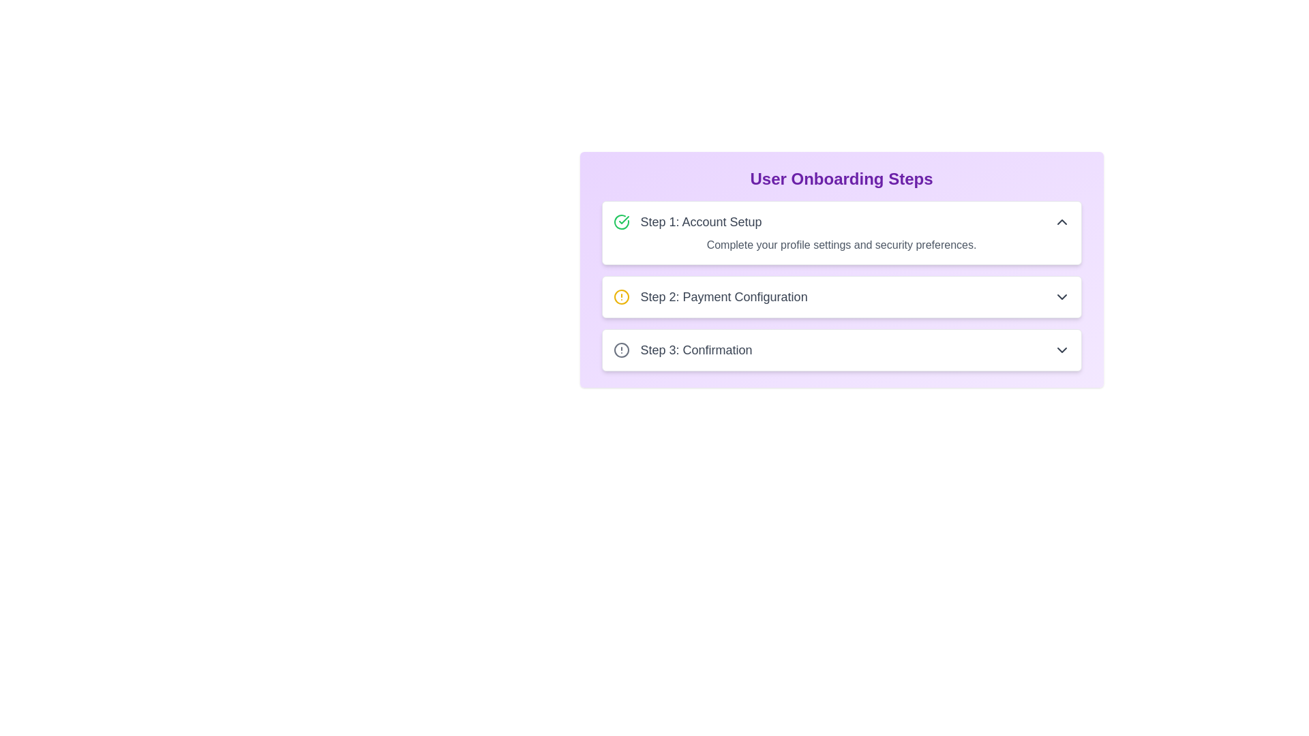 This screenshot has height=736, width=1309. I want to click on the text label 'Step 1: Account Setup' which is displayed in a medium-sized, regular sans-serif font, located near the top of the 'User Onboarding Steps' box, adjacent to a green checkmark icon, so click(701, 221).